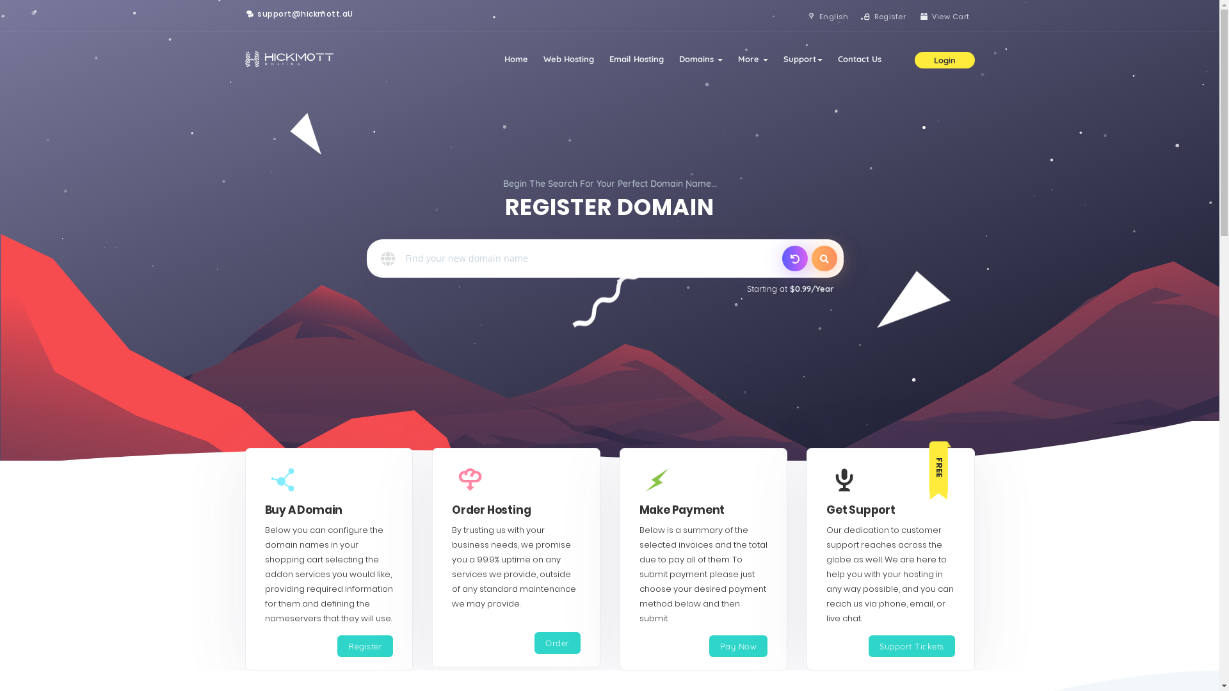  Describe the element at coordinates (913, 59) in the screenshot. I see `'Login'` at that location.